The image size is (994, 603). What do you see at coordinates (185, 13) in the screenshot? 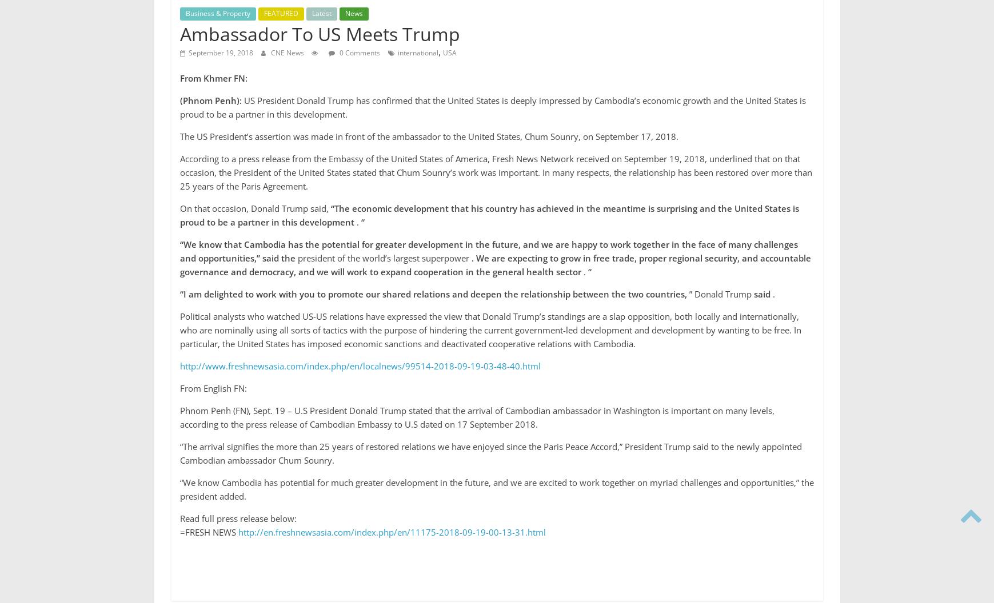
I see `'Business & Property'` at bounding box center [185, 13].